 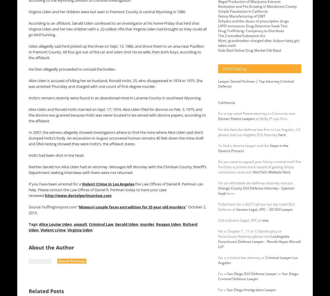 What do you see at coordinates (271, 119) in the screenshot?
I see `'at Reilly IP Law Firm.'` at bounding box center [271, 119].